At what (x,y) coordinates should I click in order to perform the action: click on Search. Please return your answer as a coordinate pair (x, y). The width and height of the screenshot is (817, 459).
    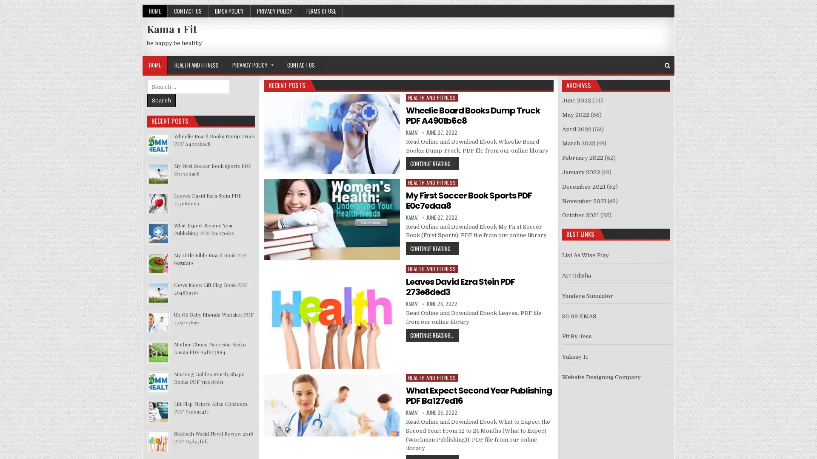
    Looking at the image, I should click on (161, 100).